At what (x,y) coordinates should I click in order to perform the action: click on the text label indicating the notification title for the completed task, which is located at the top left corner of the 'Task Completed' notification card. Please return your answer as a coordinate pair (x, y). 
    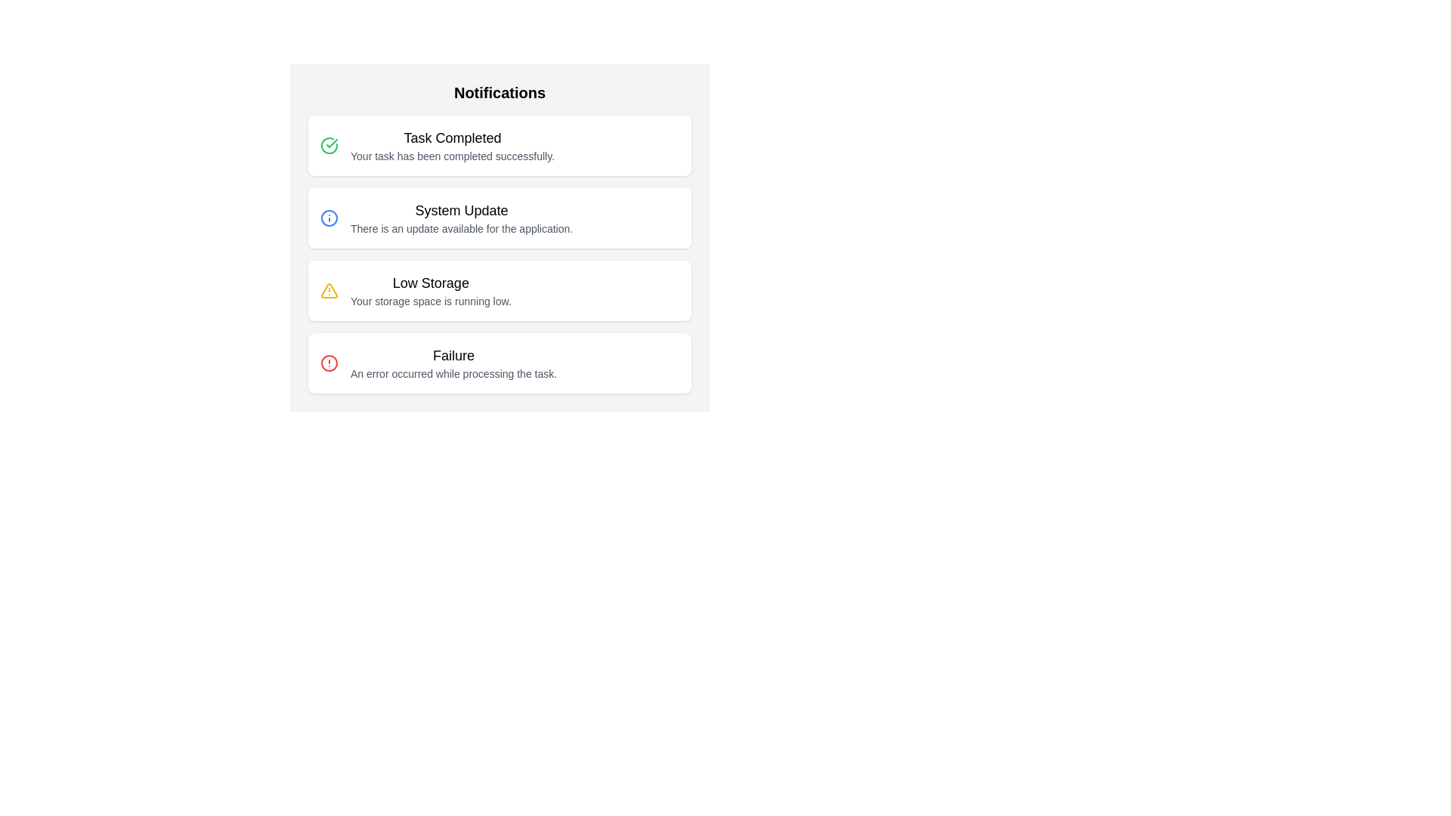
    Looking at the image, I should click on (452, 138).